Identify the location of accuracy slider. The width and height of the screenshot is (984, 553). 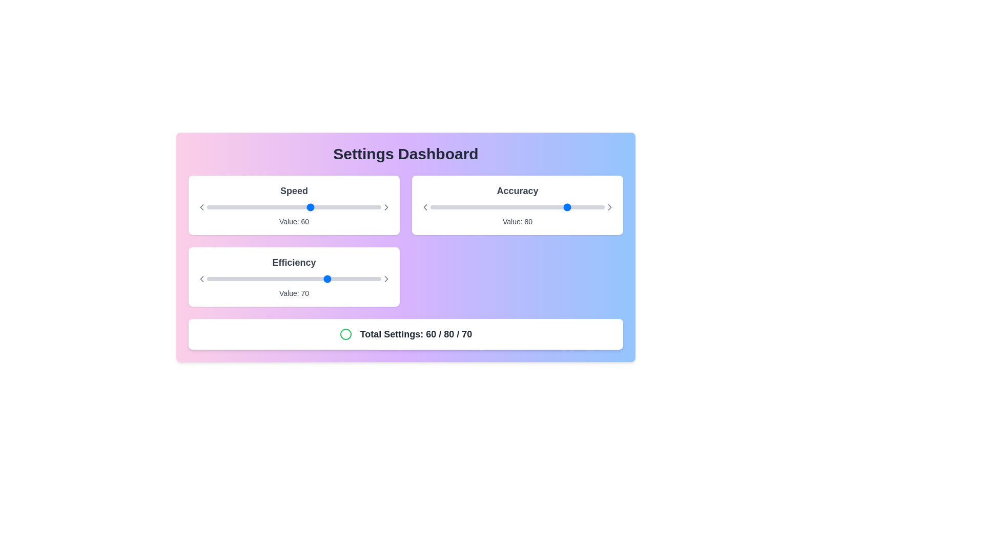
(594, 207).